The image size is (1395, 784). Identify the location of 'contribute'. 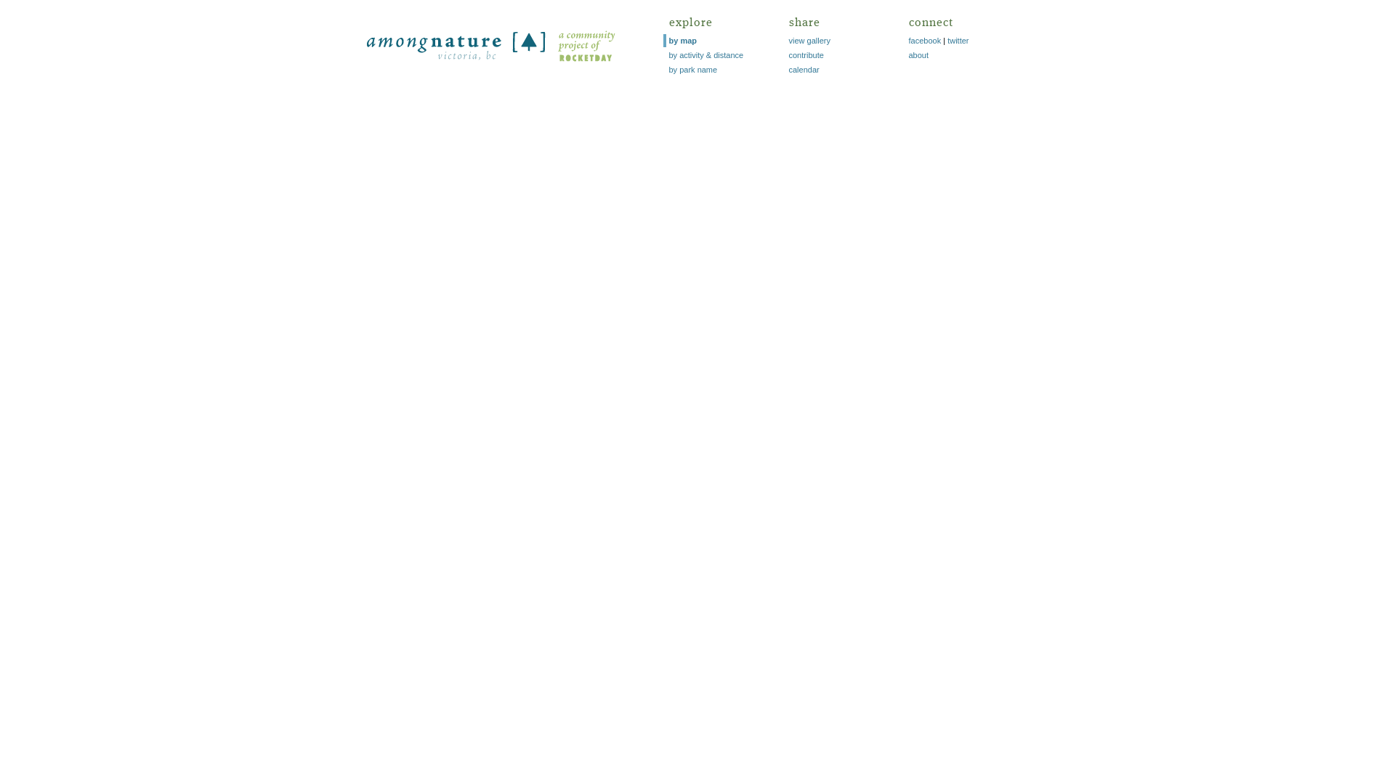
(805, 54).